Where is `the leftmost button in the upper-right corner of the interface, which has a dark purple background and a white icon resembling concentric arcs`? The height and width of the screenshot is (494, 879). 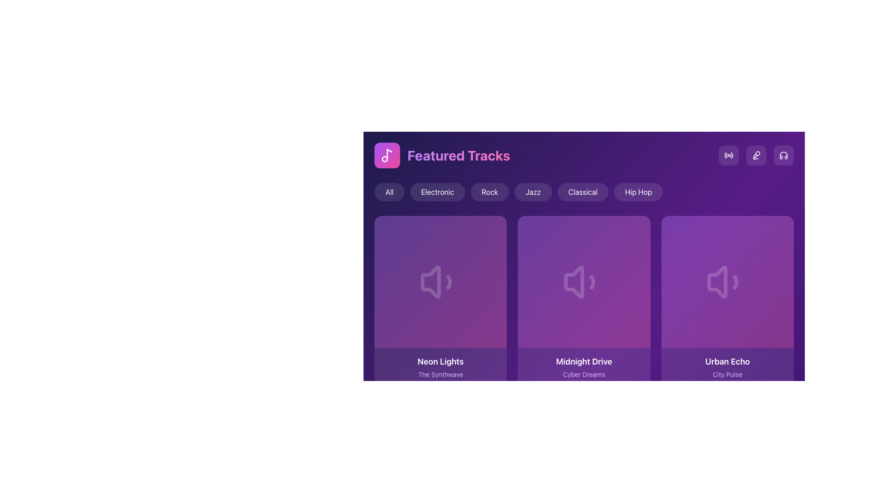 the leftmost button in the upper-right corner of the interface, which has a dark purple background and a white icon resembling concentric arcs is located at coordinates (728, 155).